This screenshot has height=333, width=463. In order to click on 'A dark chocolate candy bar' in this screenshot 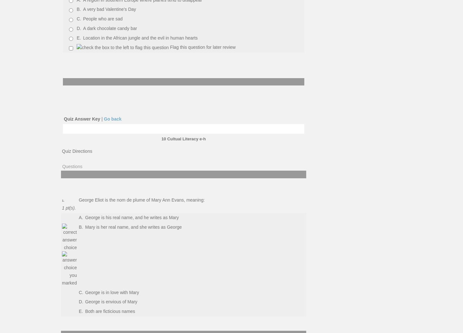, I will do `click(110, 28)`.